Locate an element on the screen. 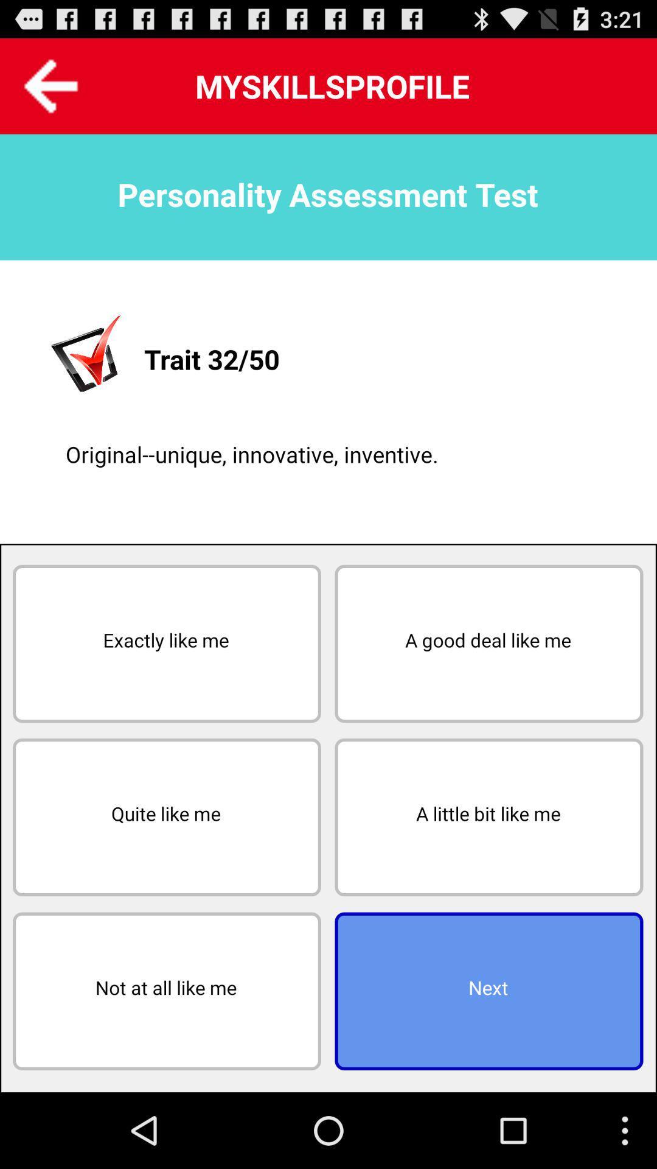 This screenshot has width=657, height=1169. icon below the a little bit icon is located at coordinates (488, 991).